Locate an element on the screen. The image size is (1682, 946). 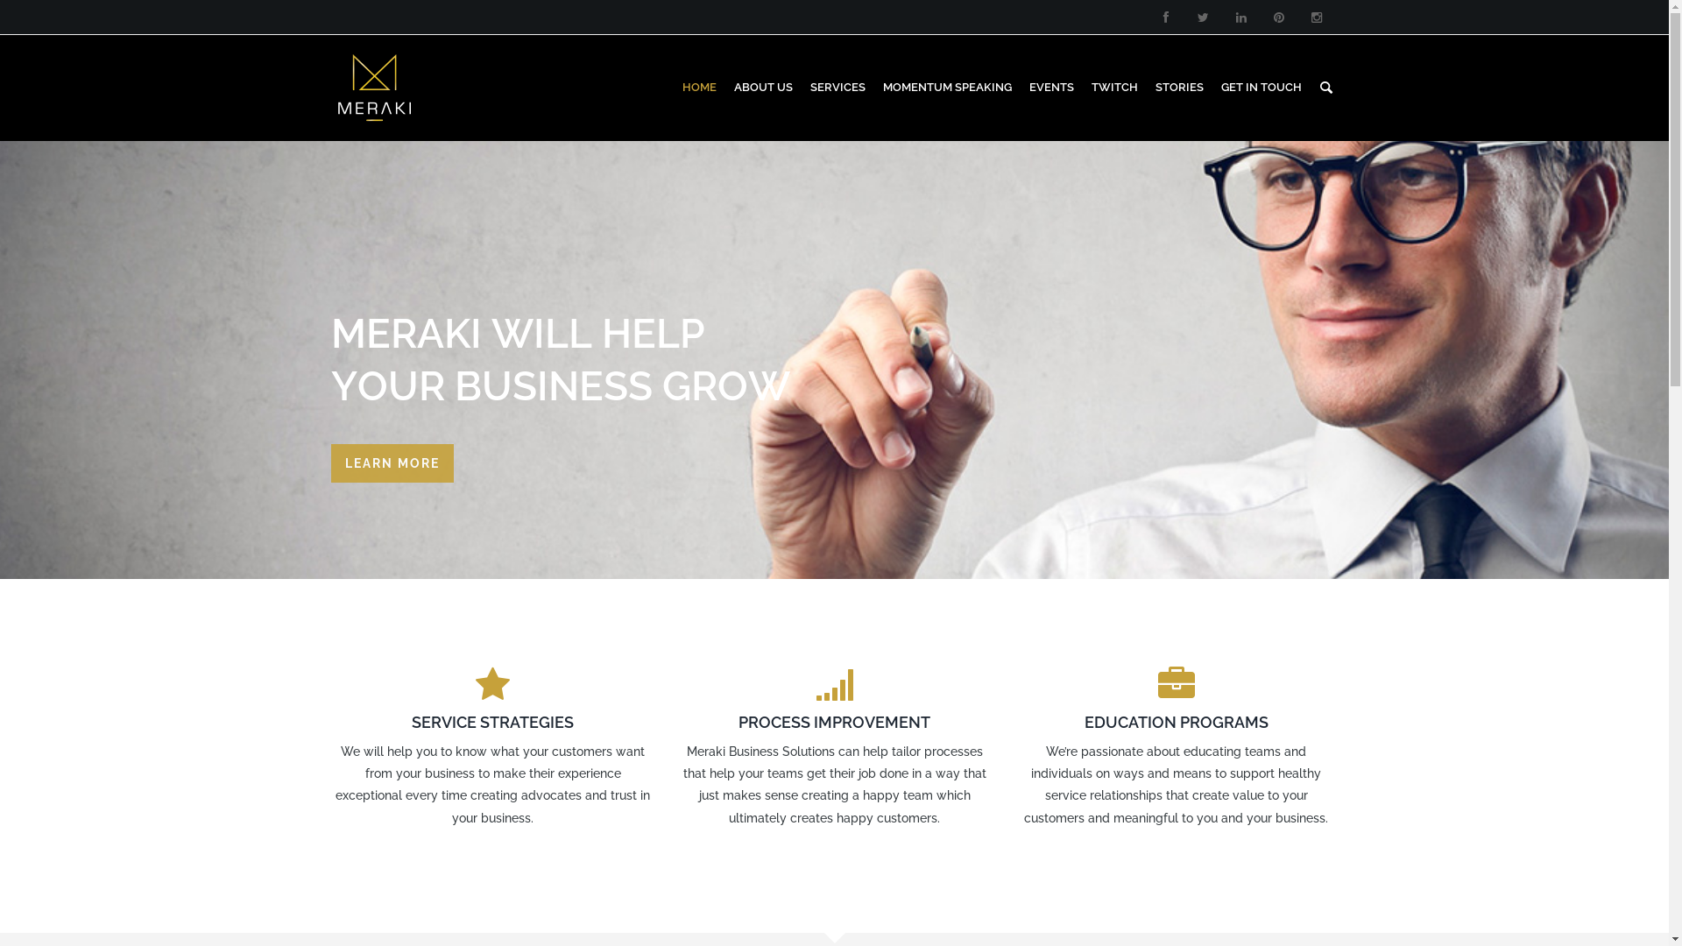
'TWITCH' is located at coordinates (1113, 88).